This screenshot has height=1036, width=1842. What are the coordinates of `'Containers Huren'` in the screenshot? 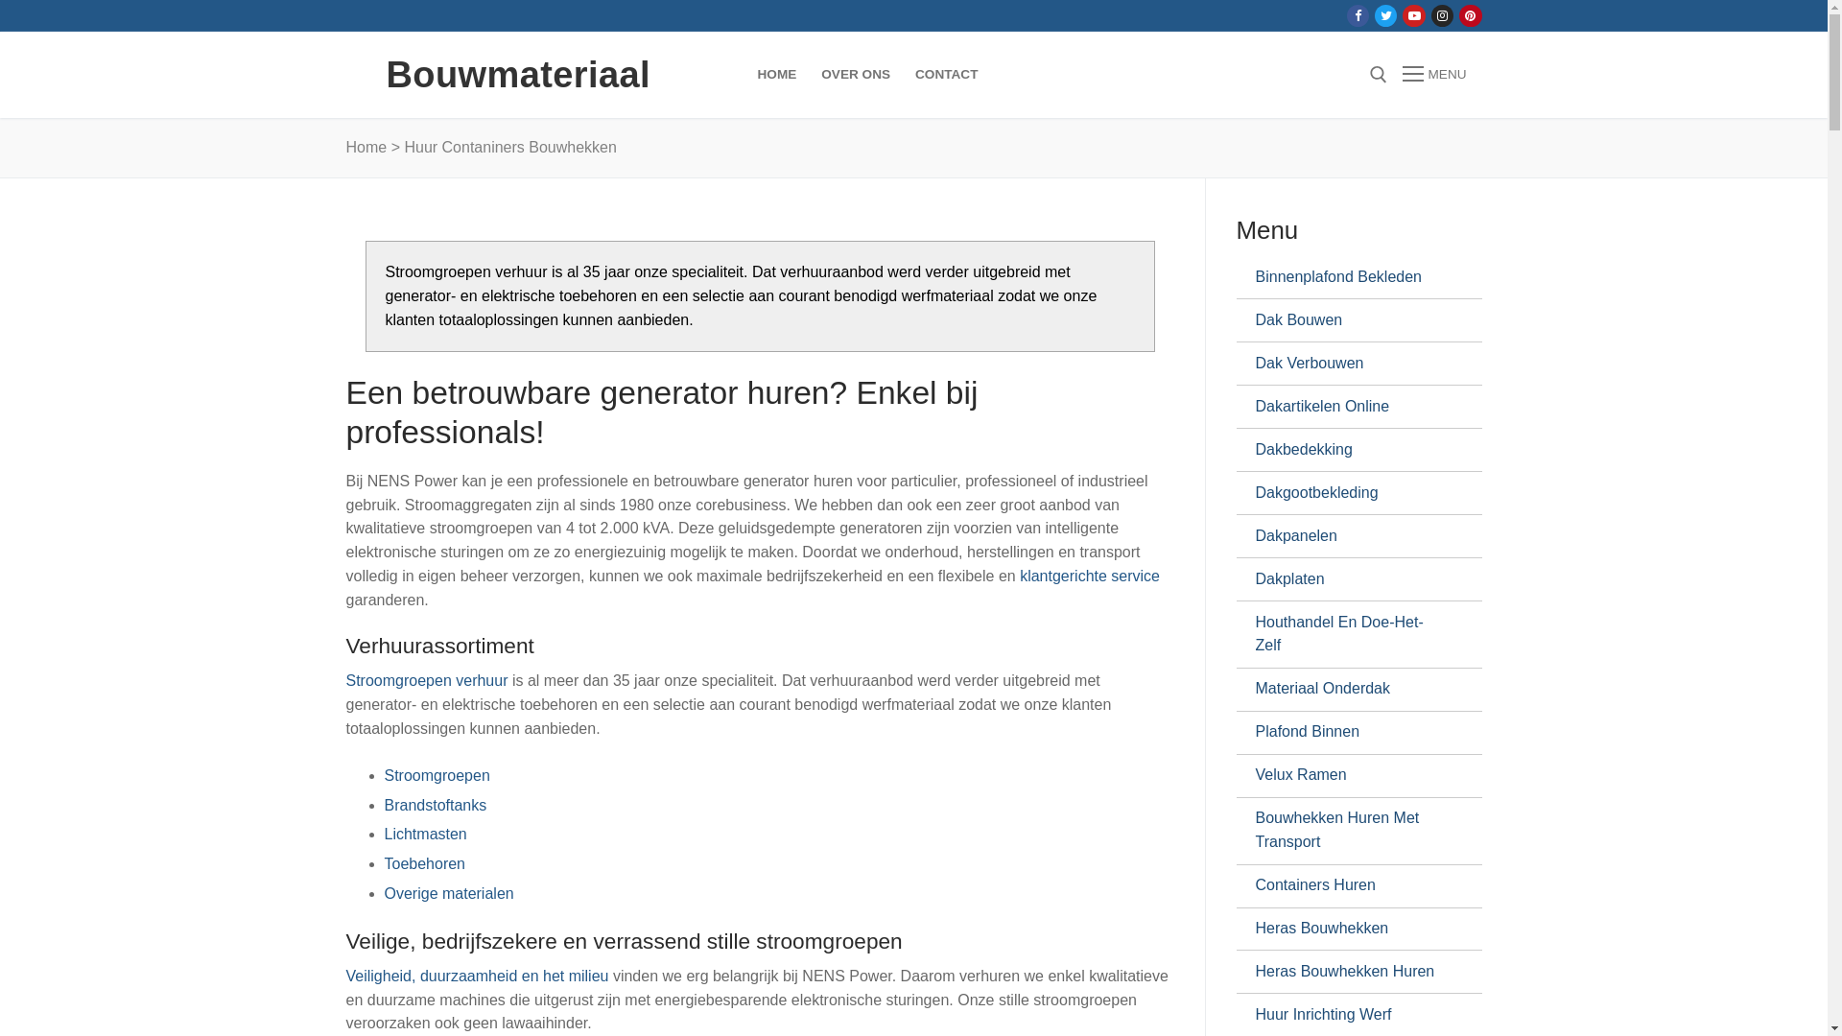 It's located at (1349, 886).